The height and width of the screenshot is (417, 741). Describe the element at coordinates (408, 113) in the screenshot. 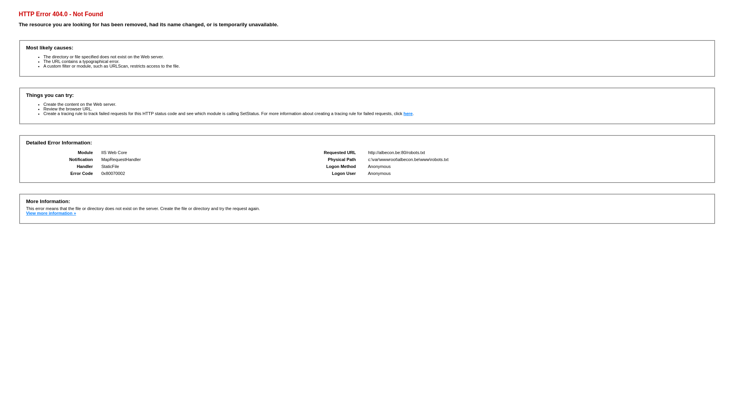

I see `'here'` at that location.